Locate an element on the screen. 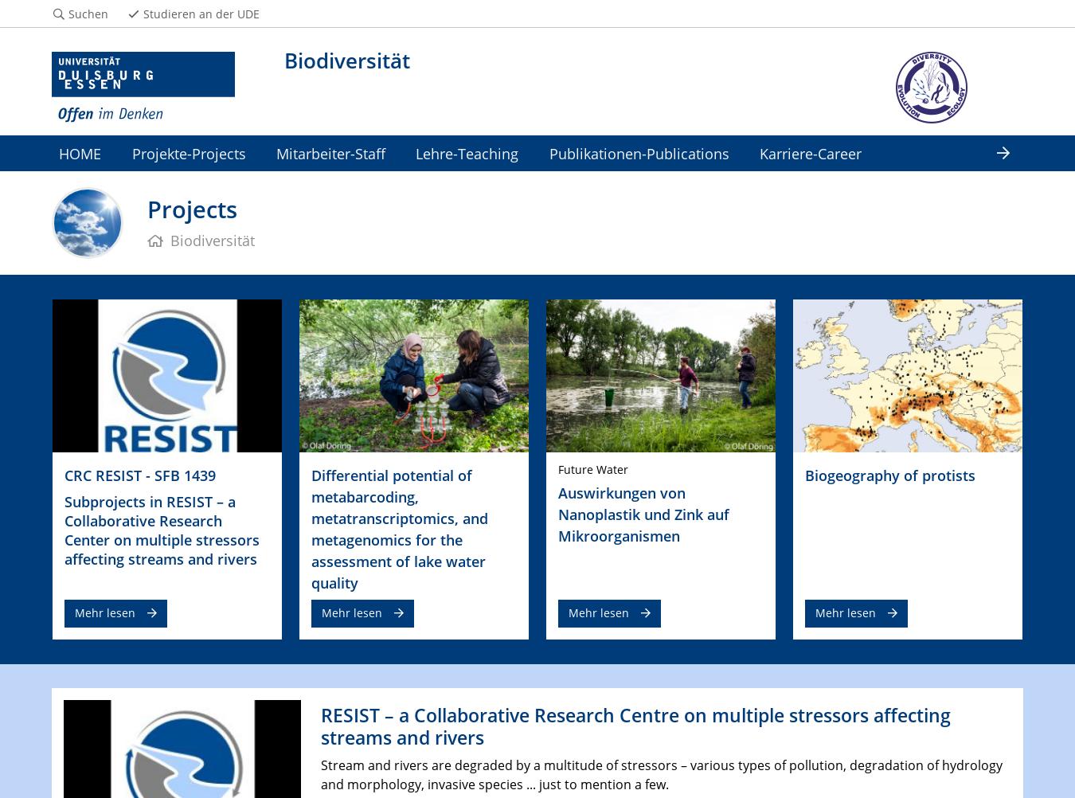 The image size is (1075, 798). 'Stream and rivers are degraded by a multitude of stressors – various types of pollution, degradation of hydrology and morphology, invasive species ... just to mention a few.' is located at coordinates (660, 774).